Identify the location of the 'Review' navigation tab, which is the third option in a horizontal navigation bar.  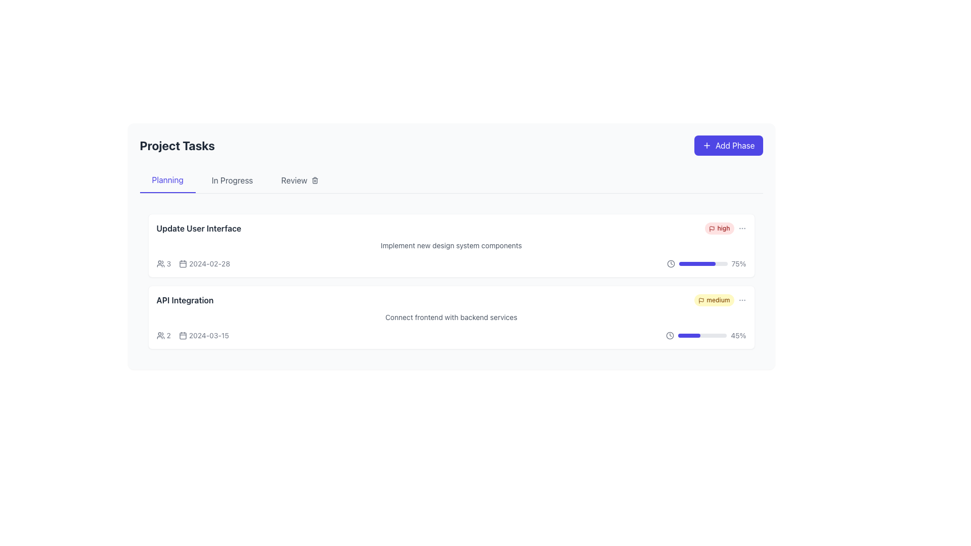
(299, 180).